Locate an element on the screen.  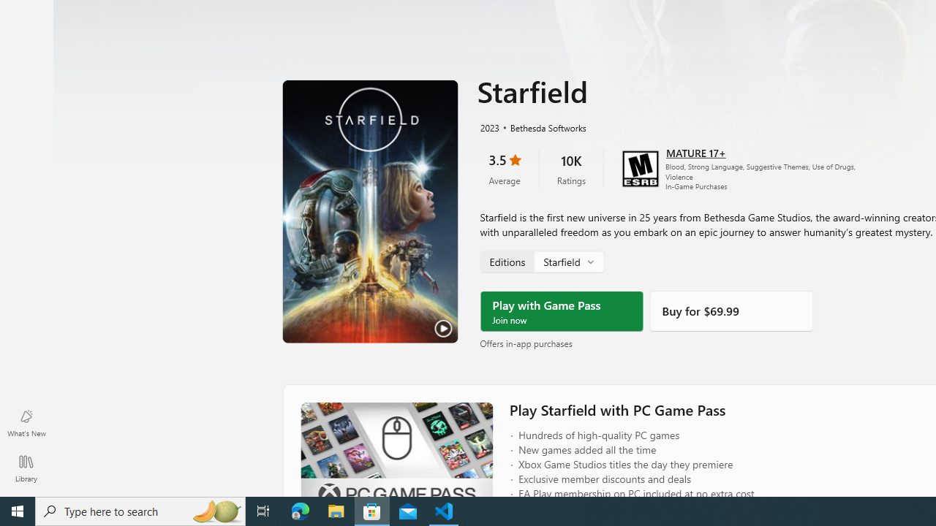
'Age rating: MATURE 17+. Click for more information.' is located at coordinates (695, 152).